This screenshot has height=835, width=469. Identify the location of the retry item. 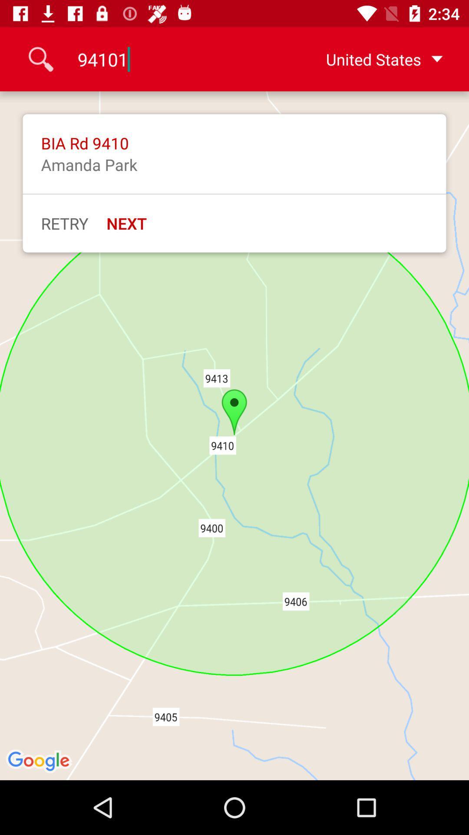
(64, 223).